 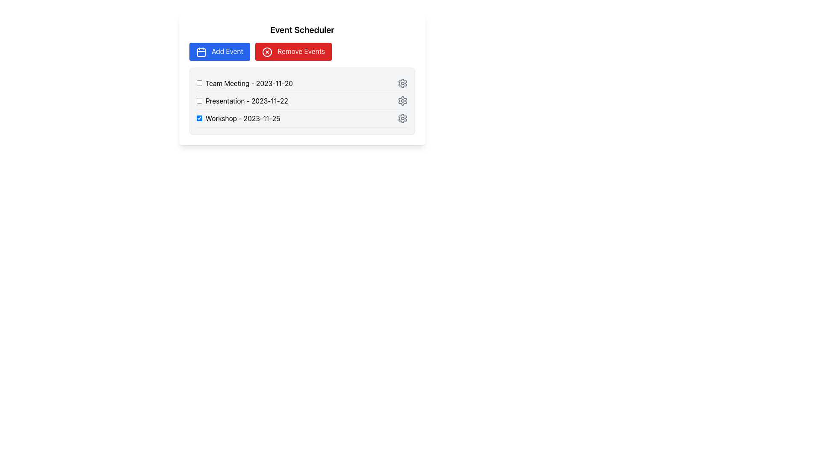 I want to click on the blue rectangular button labeled 'Add Event' with a calendar icon, so click(x=219, y=51).